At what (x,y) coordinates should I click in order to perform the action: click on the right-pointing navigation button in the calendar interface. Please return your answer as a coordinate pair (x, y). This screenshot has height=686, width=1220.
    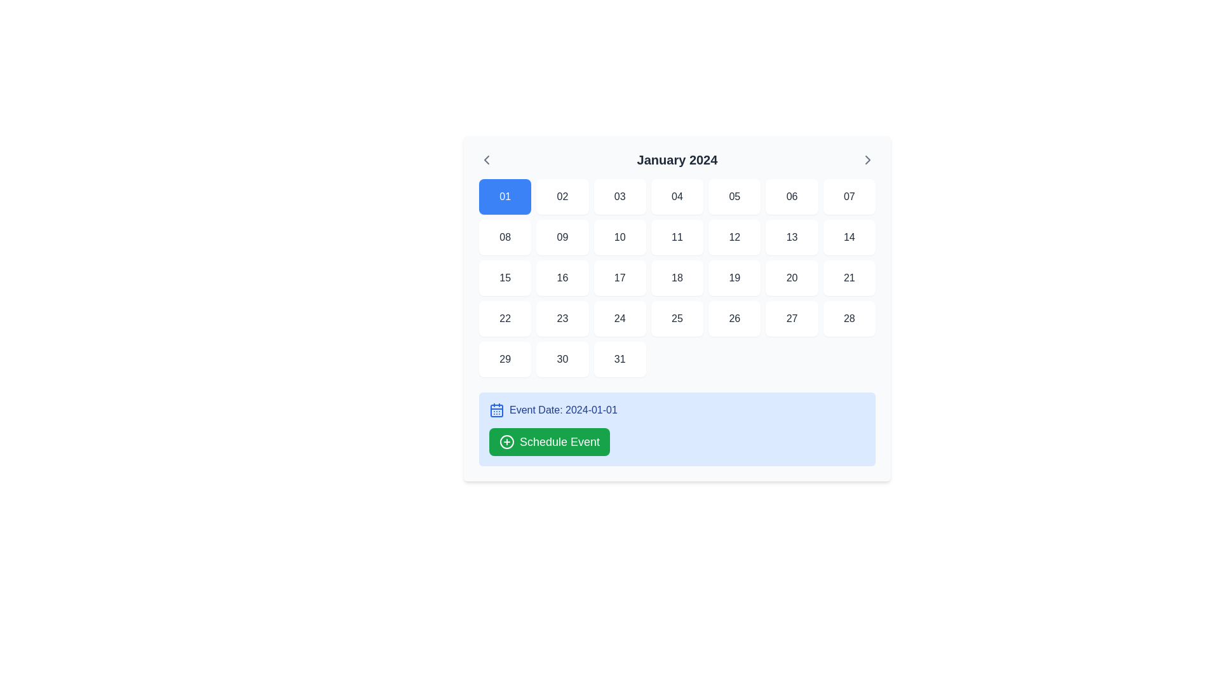
    Looking at the image, I should click on (867, 159).